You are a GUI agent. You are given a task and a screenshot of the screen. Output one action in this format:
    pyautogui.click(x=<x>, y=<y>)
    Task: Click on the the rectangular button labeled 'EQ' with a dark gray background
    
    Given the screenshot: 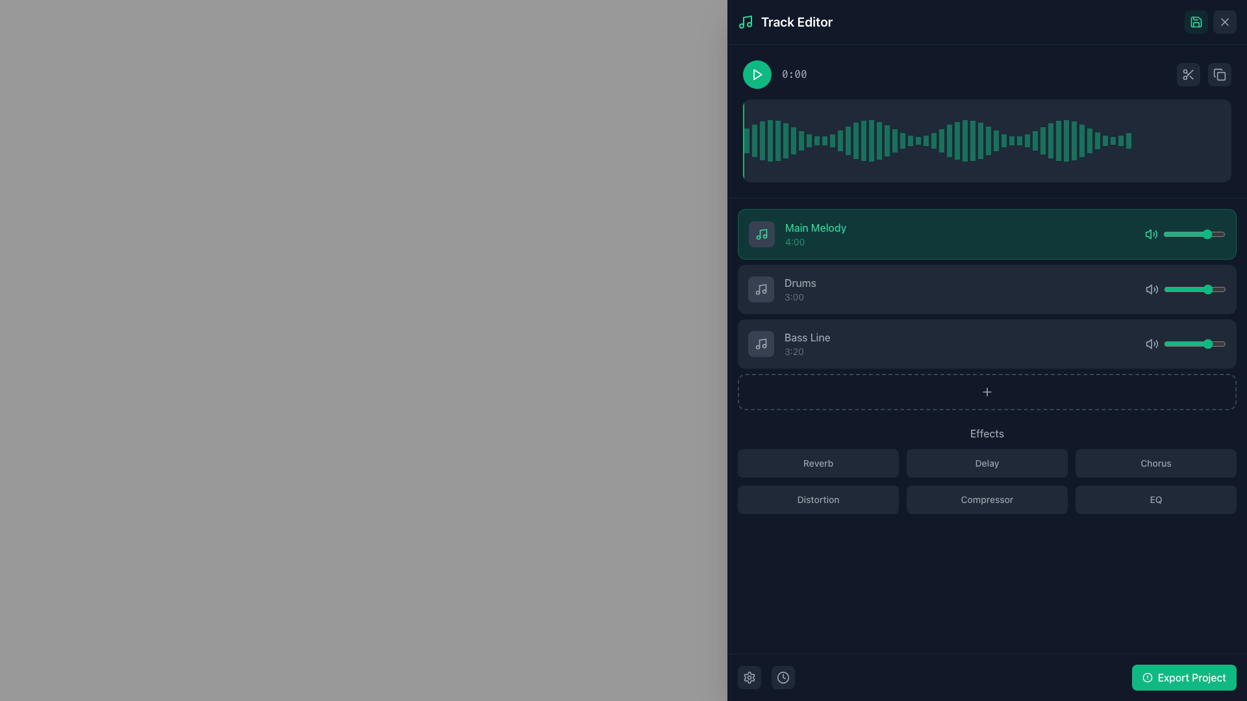 What is the action you would take?
    pyautogui.click(x=1156, y=499)
    